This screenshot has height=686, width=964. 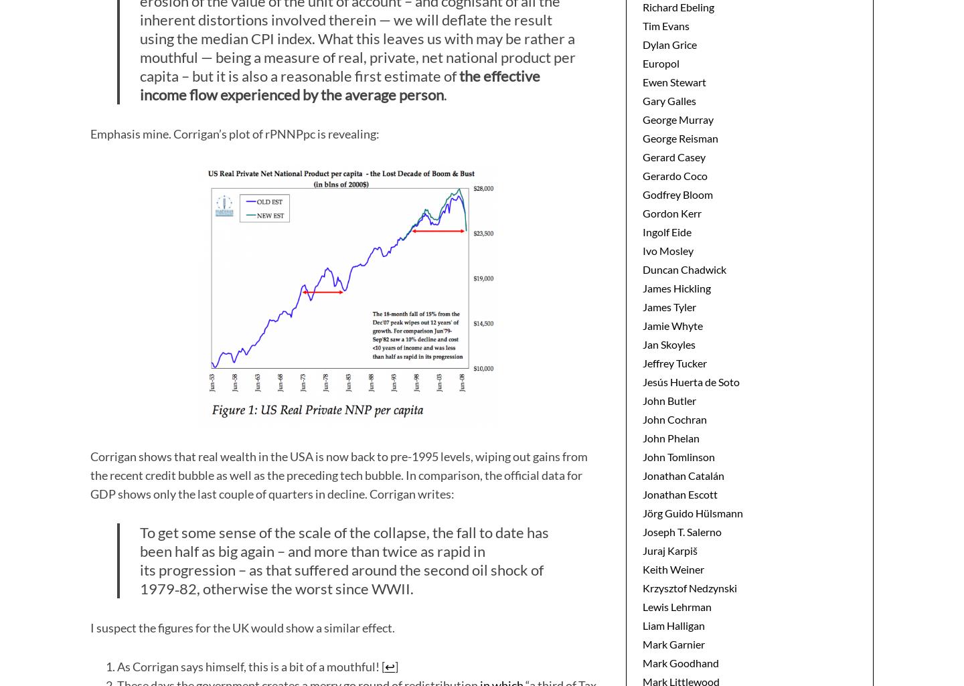 I want to click on '.', so click(x=445, y=94).